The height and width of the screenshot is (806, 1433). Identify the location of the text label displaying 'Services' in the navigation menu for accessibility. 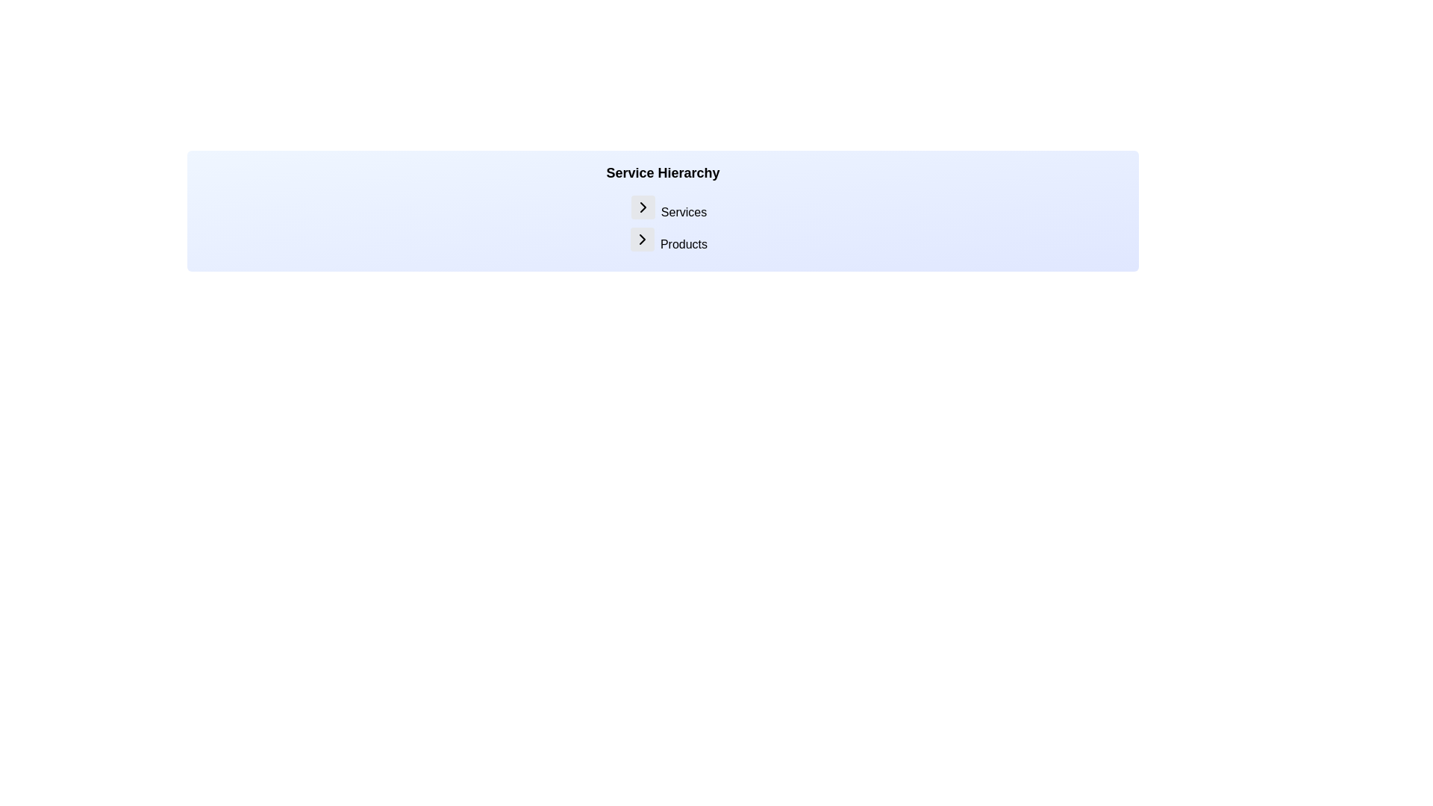
(683, 212).